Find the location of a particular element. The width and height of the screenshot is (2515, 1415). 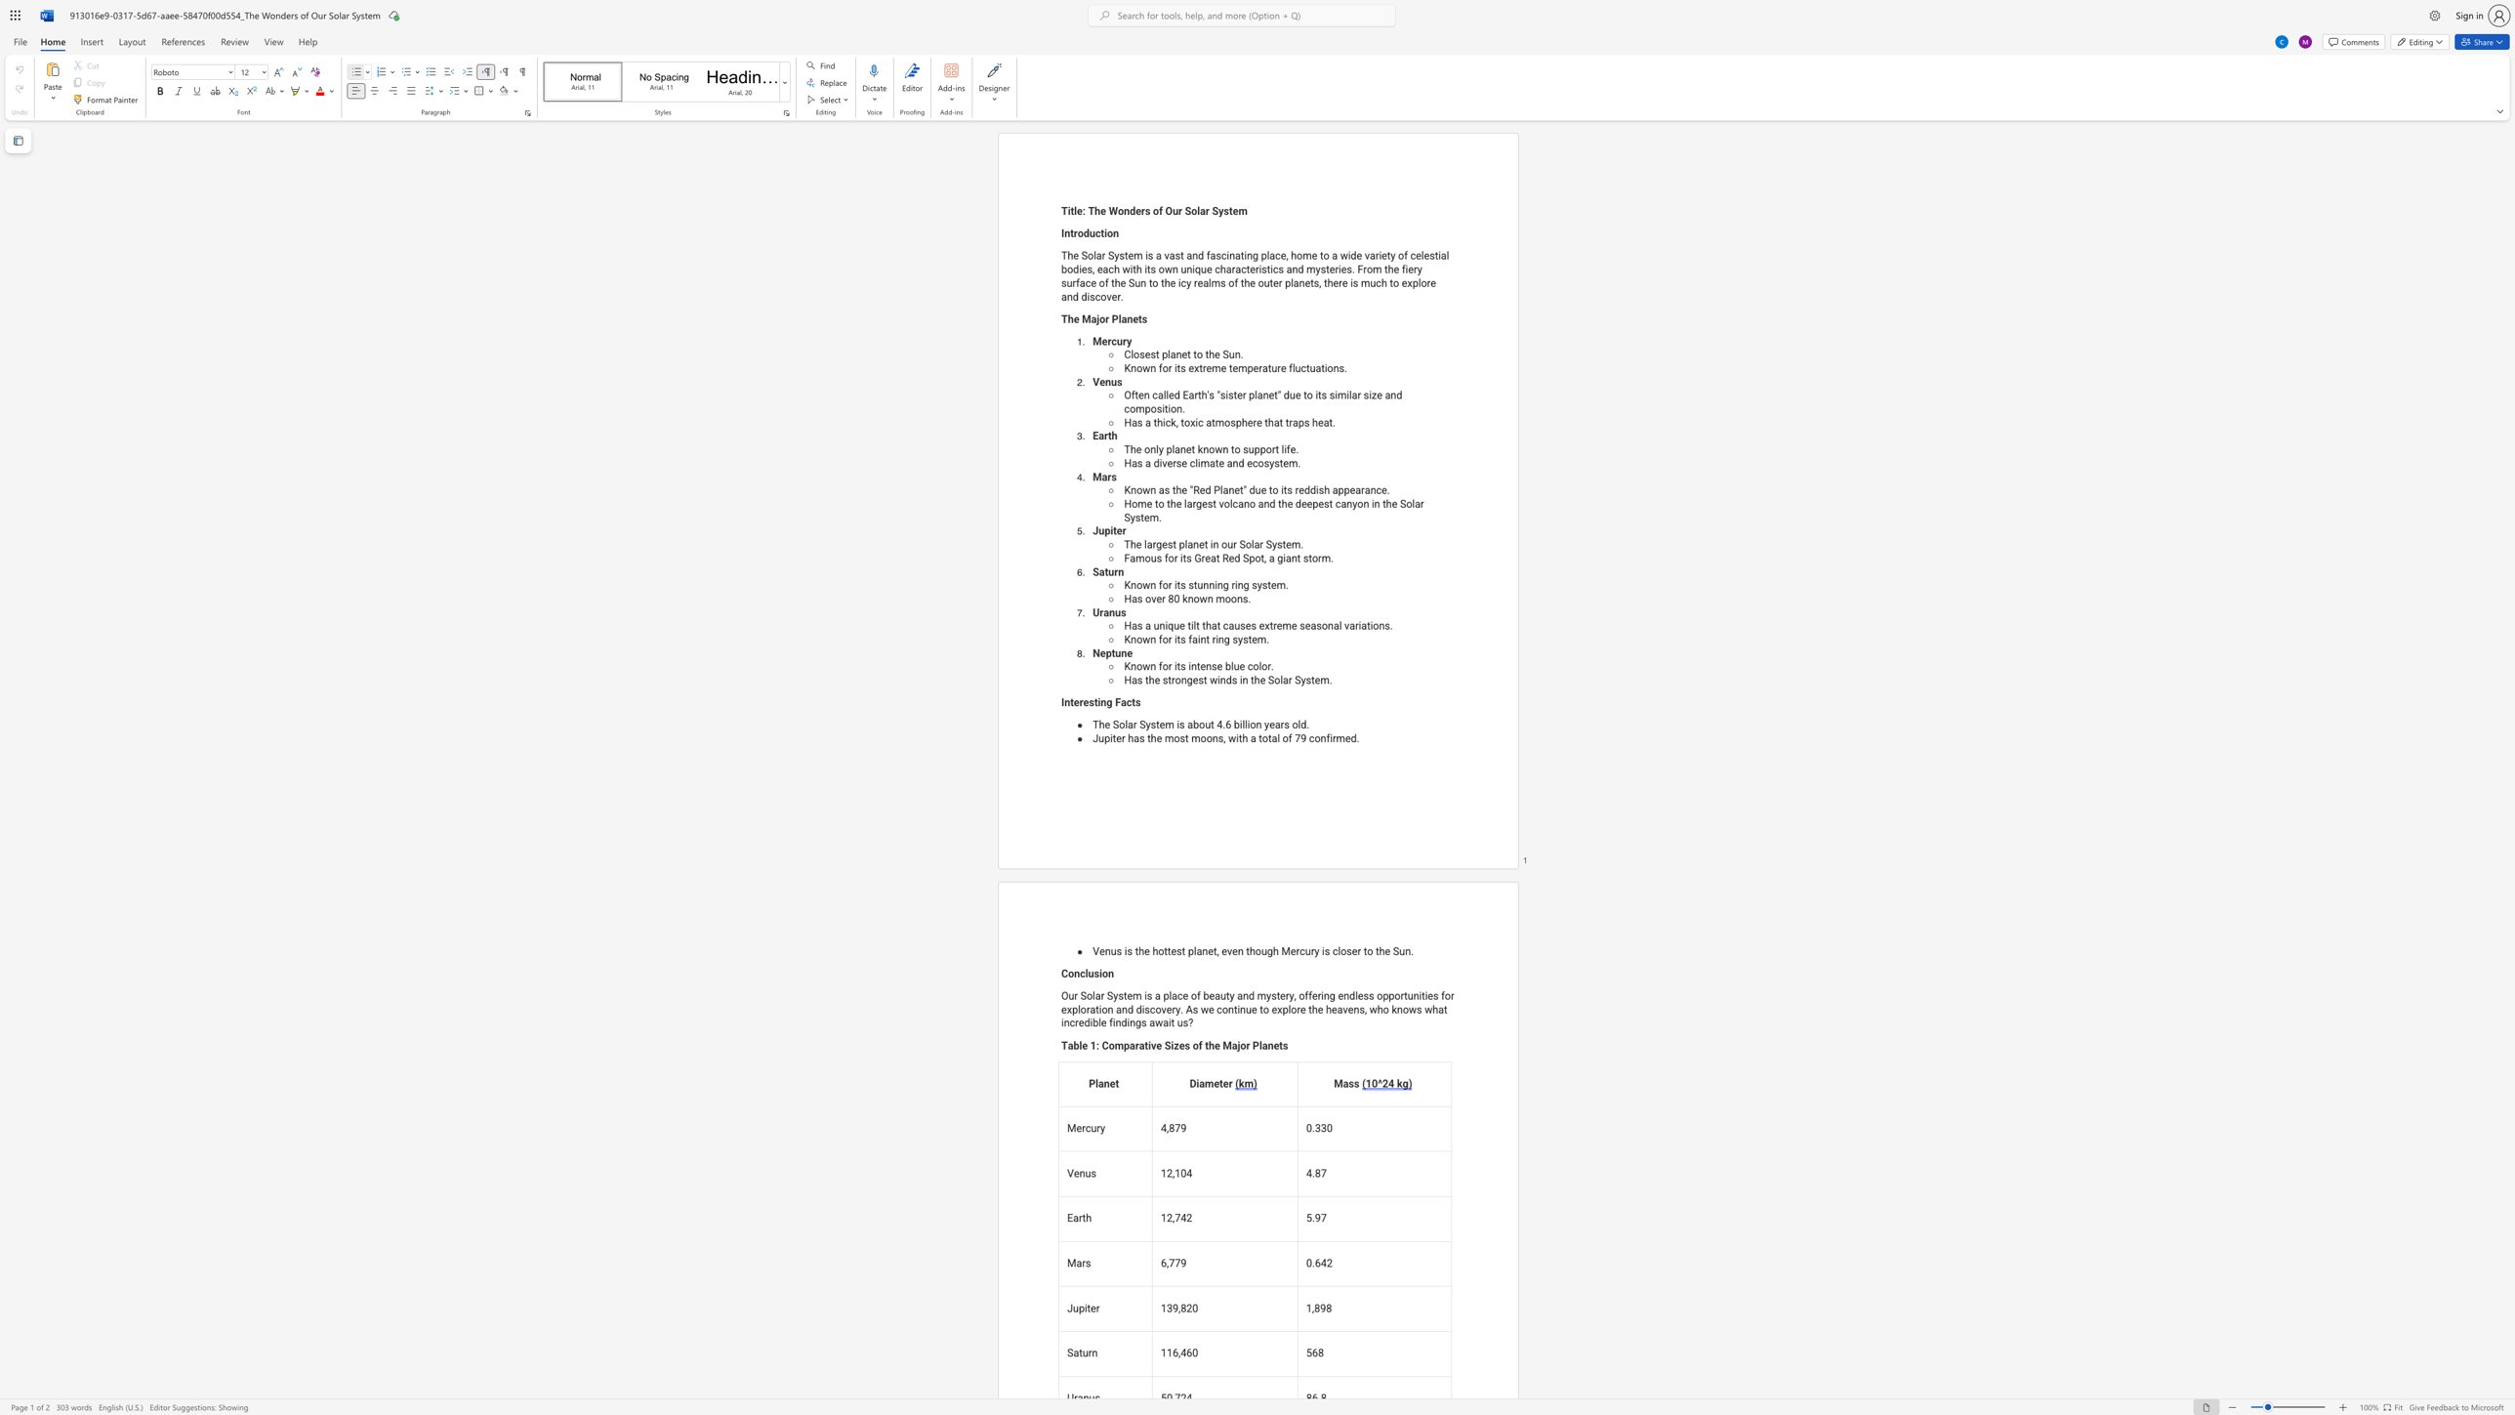

the 1th character "M" in the text is located at coordinates (1285, 951).